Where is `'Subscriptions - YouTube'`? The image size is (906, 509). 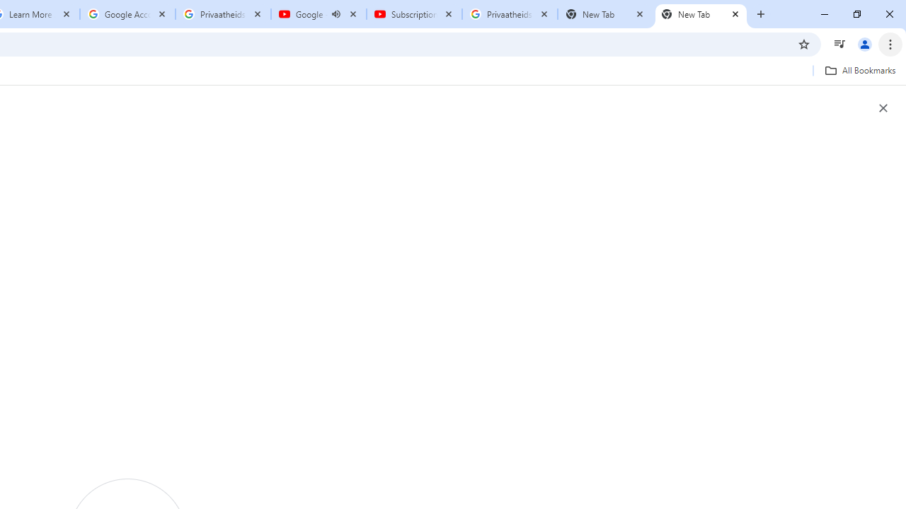
'Subscriptions - YouTube' is located at coordinates (413, 14).